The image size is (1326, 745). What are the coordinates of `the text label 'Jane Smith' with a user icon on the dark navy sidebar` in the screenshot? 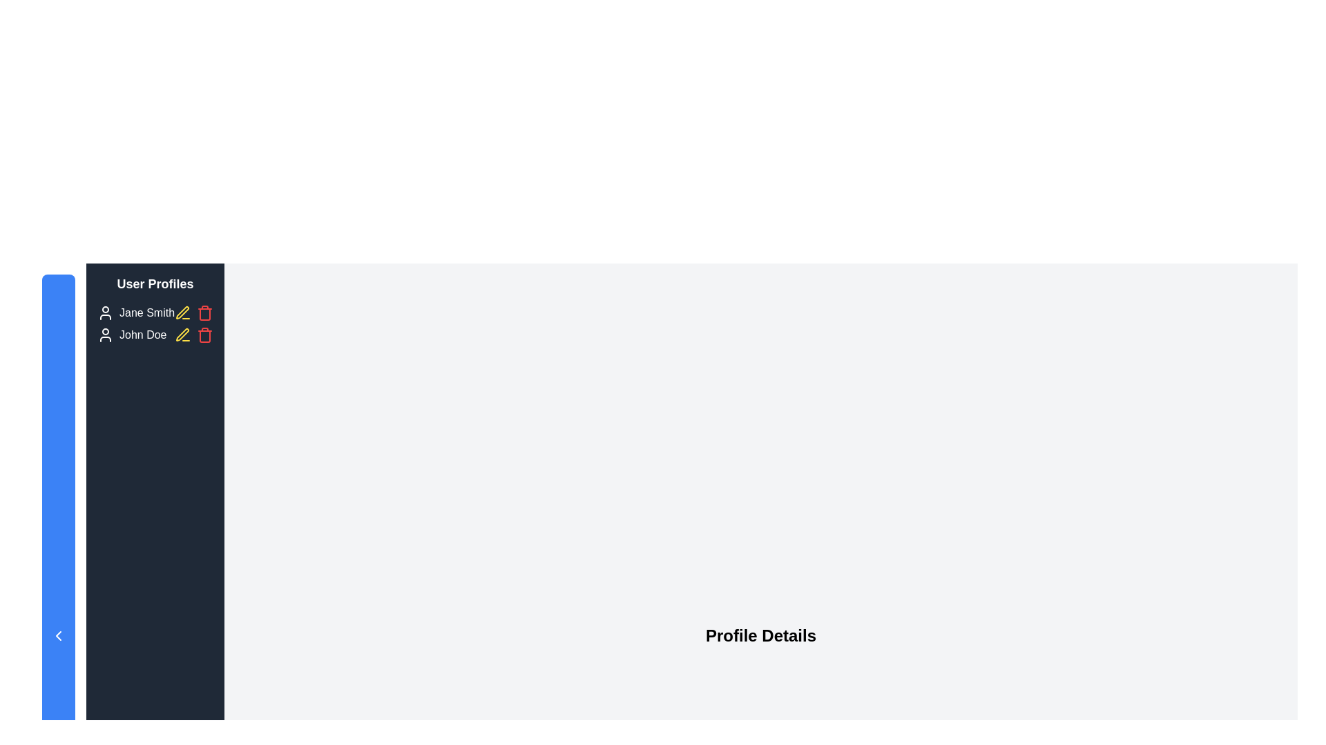 It's located at (135, 313).